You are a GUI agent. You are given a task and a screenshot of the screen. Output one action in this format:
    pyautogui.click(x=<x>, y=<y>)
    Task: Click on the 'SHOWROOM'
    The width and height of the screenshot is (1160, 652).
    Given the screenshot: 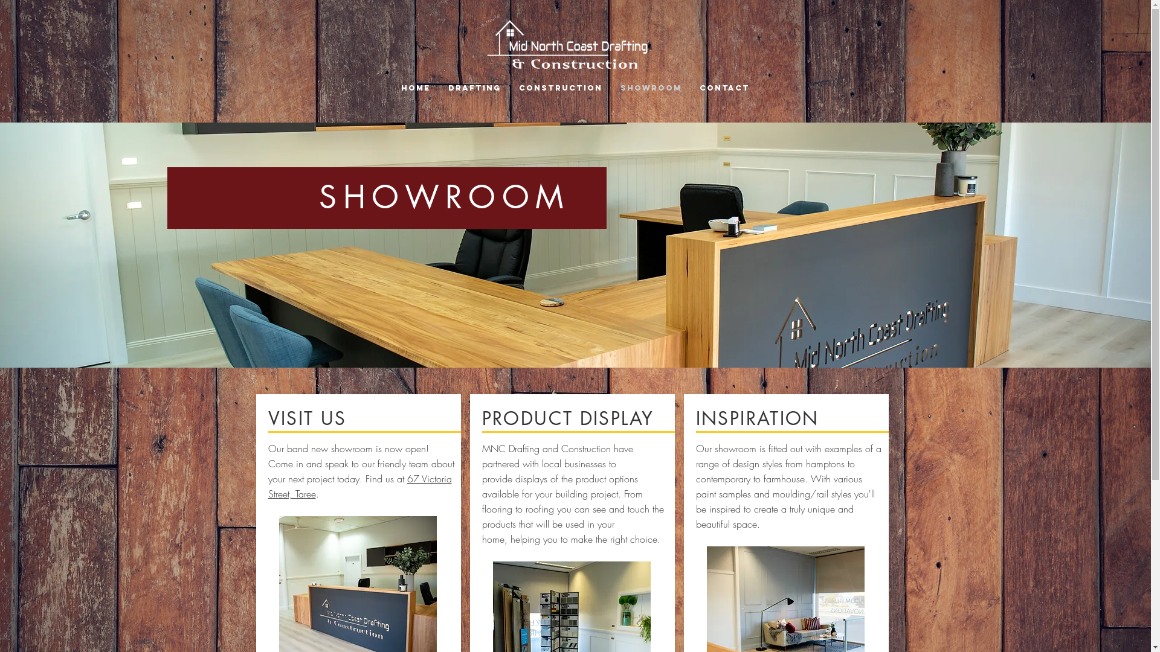 What is the action you would take?
    pyautogui.click(x=650, y=86)
    